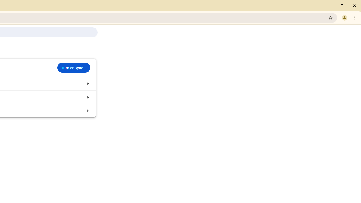  Describe the element at coordinates (87, 83) in the screenshot. I see `'Sync and Google services'` at that location.